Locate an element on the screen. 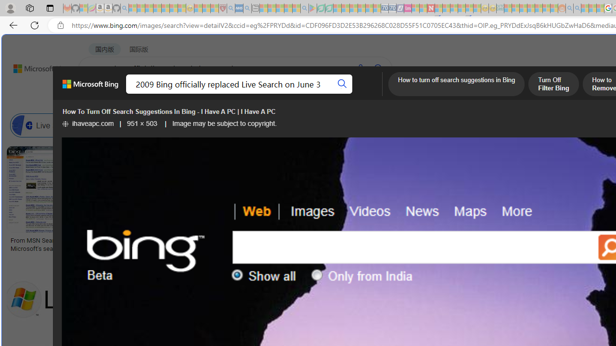 This screenshot has width=616, height=346. 'DICT' is located at coordinates (345, 94).